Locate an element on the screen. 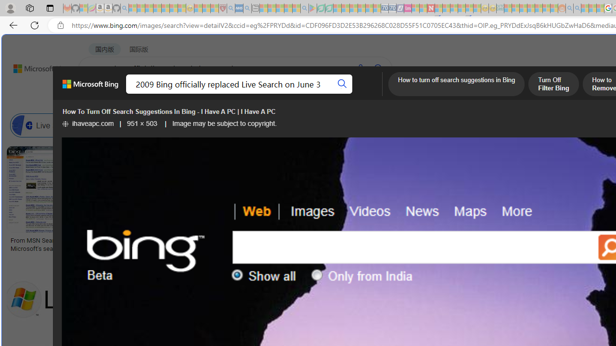 This screenshot has width=616, height=346. 'DICT' is located at coordinates (345, 94).